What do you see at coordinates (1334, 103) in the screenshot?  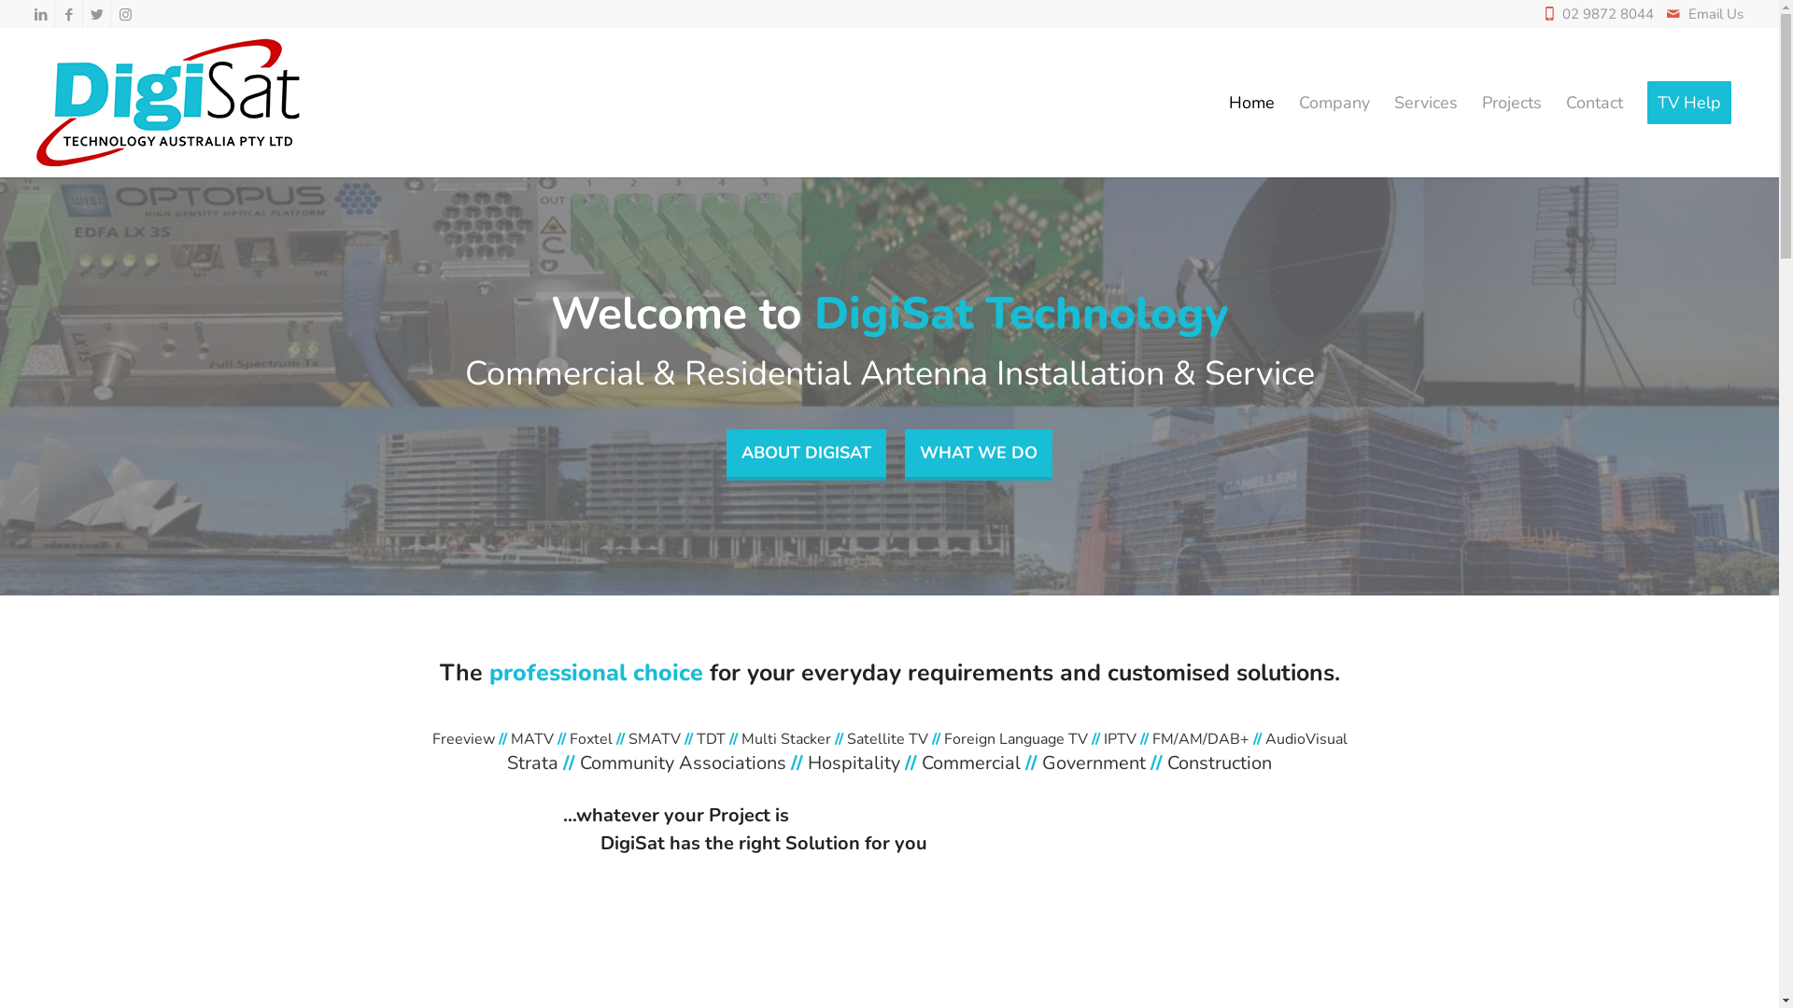 I see `'Company'` at bounding box center [1334, 103].